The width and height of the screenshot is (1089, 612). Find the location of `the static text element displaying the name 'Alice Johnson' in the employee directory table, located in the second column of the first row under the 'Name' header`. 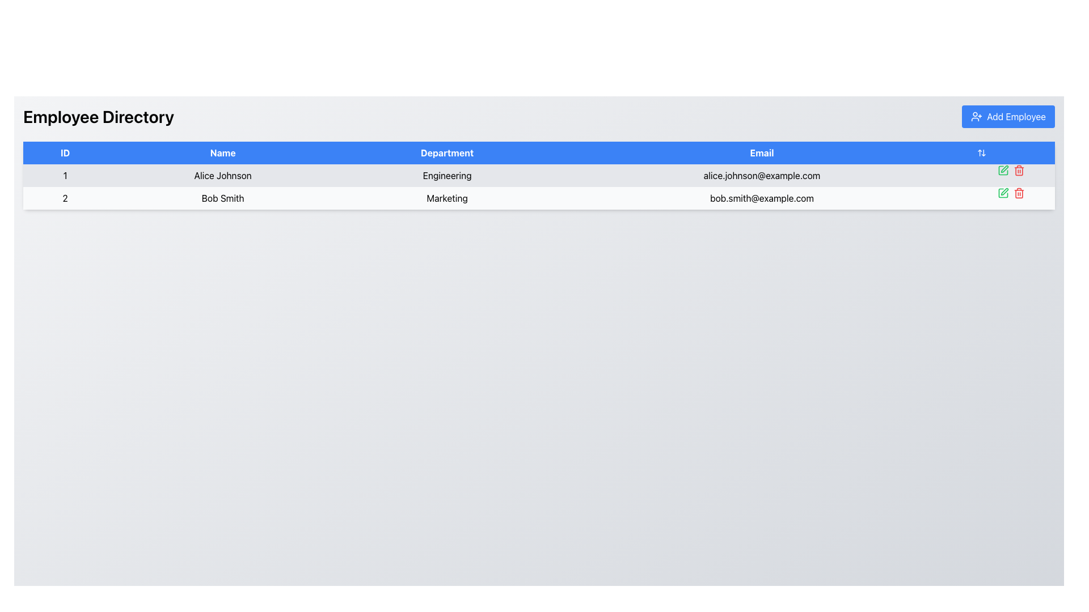

the static text element displaying the name 'Alice Johnson' in the employee directory table, located in the second column of the first row under the 'Name' header is located at coordinates (223, 175).